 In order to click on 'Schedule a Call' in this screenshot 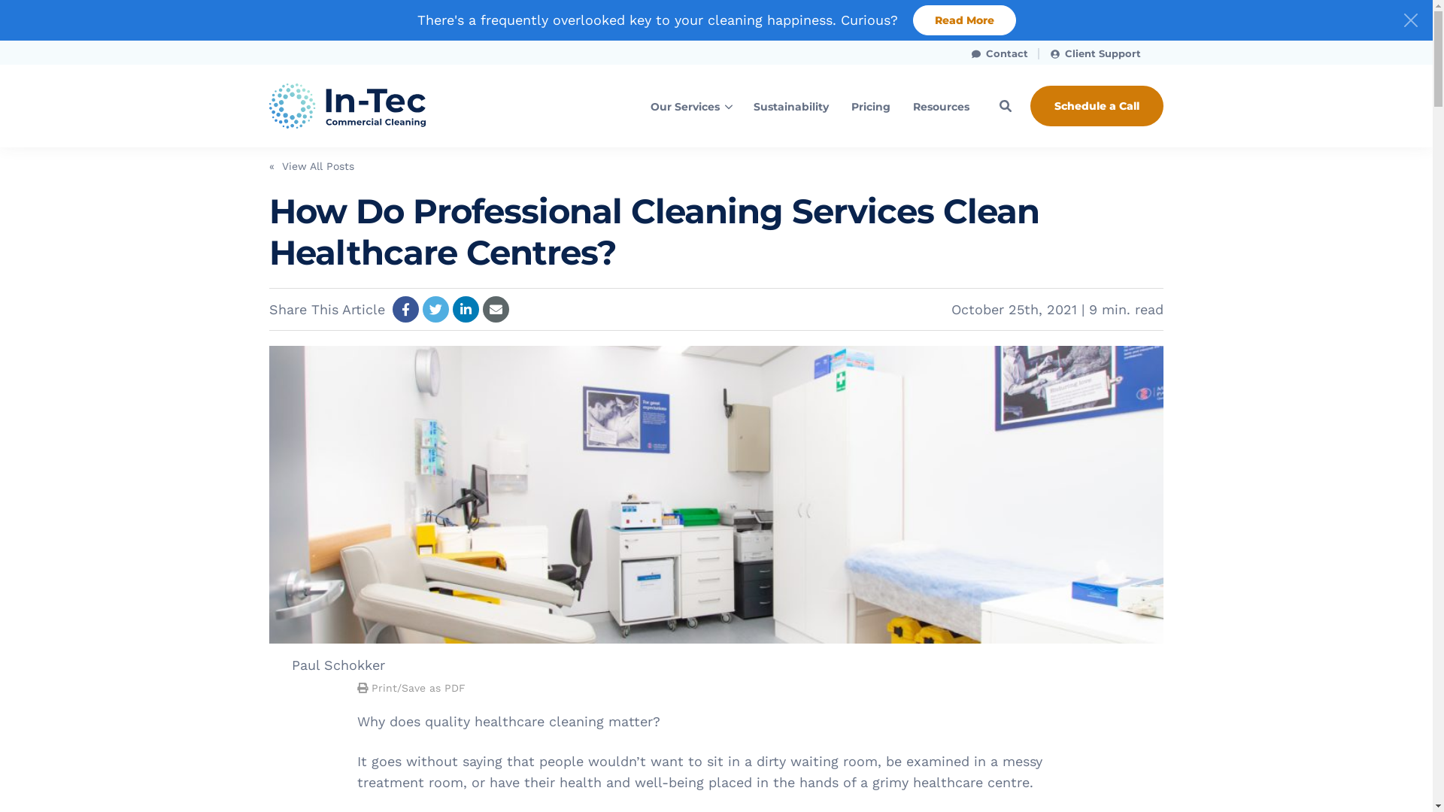, I will do `click(1097, 105)`.